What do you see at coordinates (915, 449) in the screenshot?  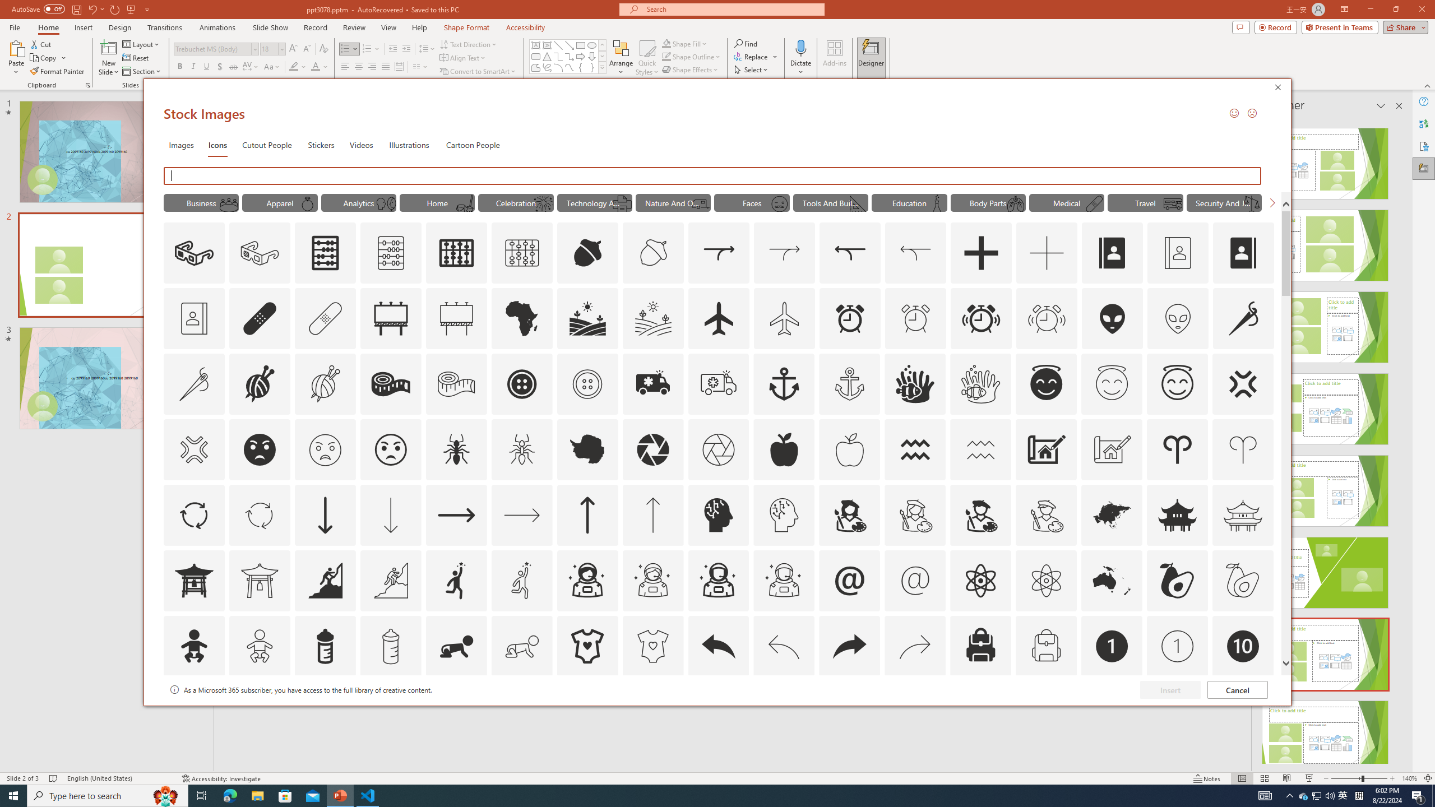 I see `'AutomationID: Icons_Aquarius'` at bounding box center [915, 449].